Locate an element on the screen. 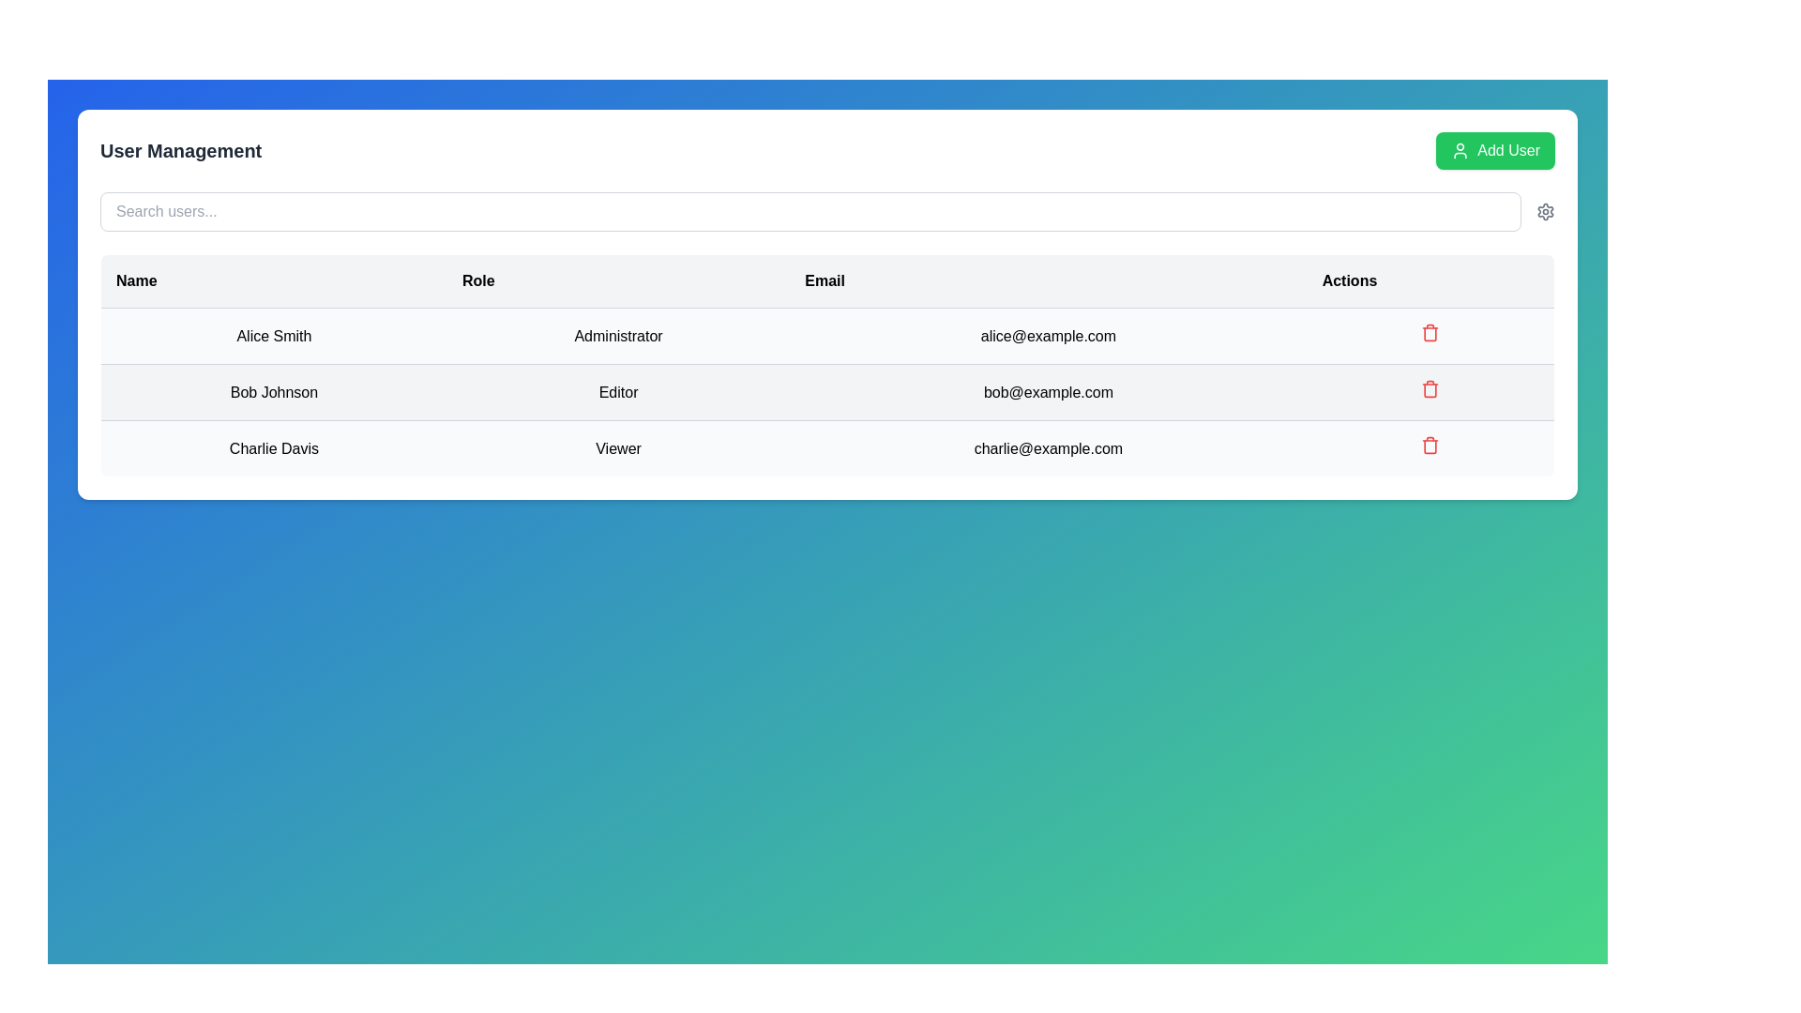 This screenshot has width=1801, height=1013. the 'Viewer' text label, which is styled with 'p-4' padding and a 'border-b' bottom border, located in the 'Role' column of the user table for 'Charlie Davis' is located at coordinates (618, 448).